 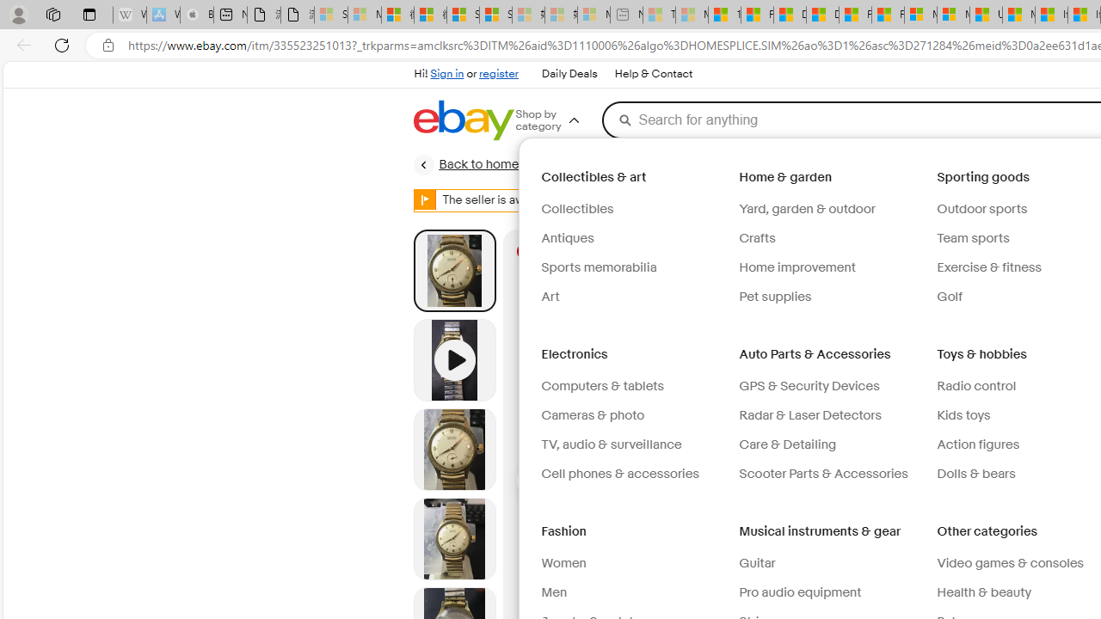 What do you see at coordinates (978, 444) in the screenshot?
I see `'Action figures'` at bounding box center [978, 444].